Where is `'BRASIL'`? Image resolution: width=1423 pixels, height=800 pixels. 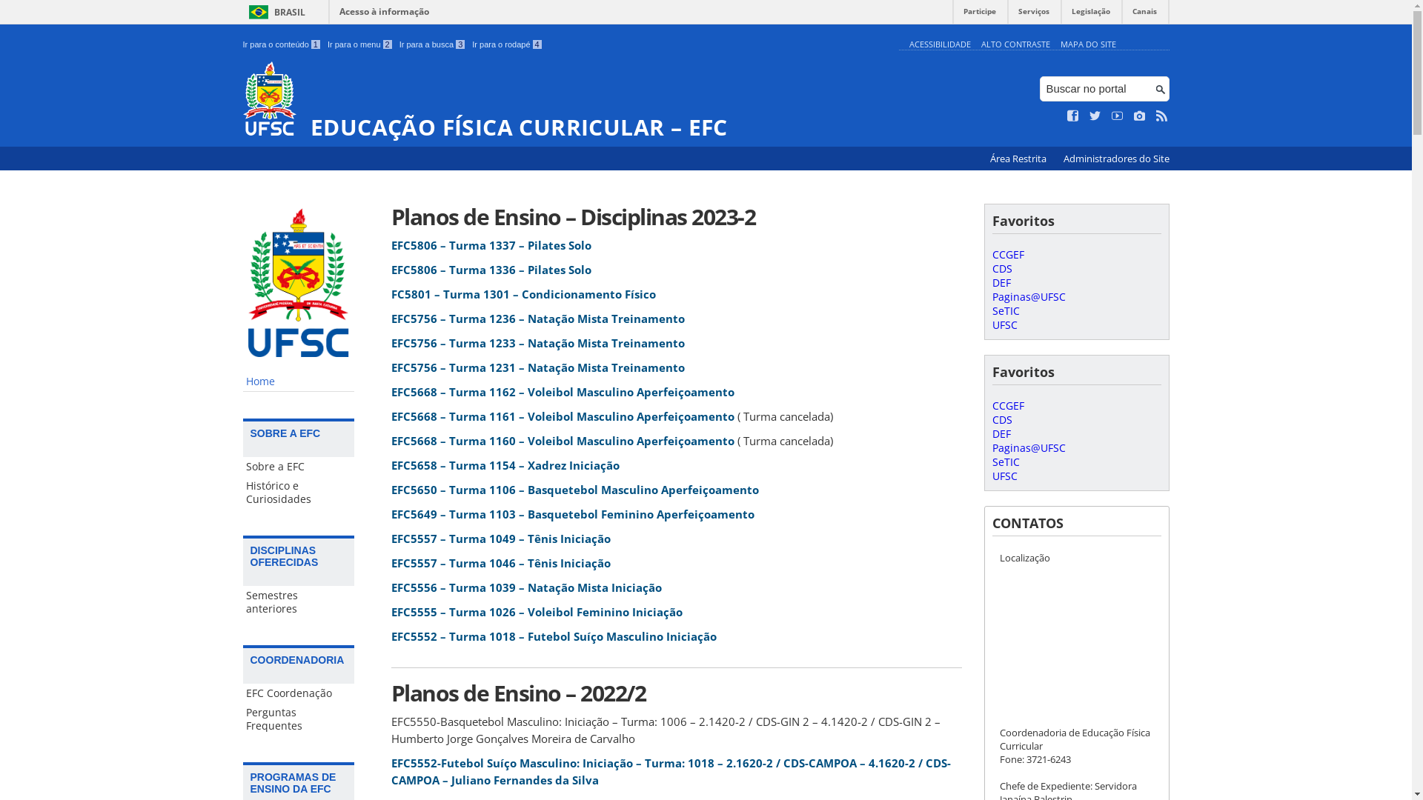
'BRASIL' is located at coordinates (274, 12).